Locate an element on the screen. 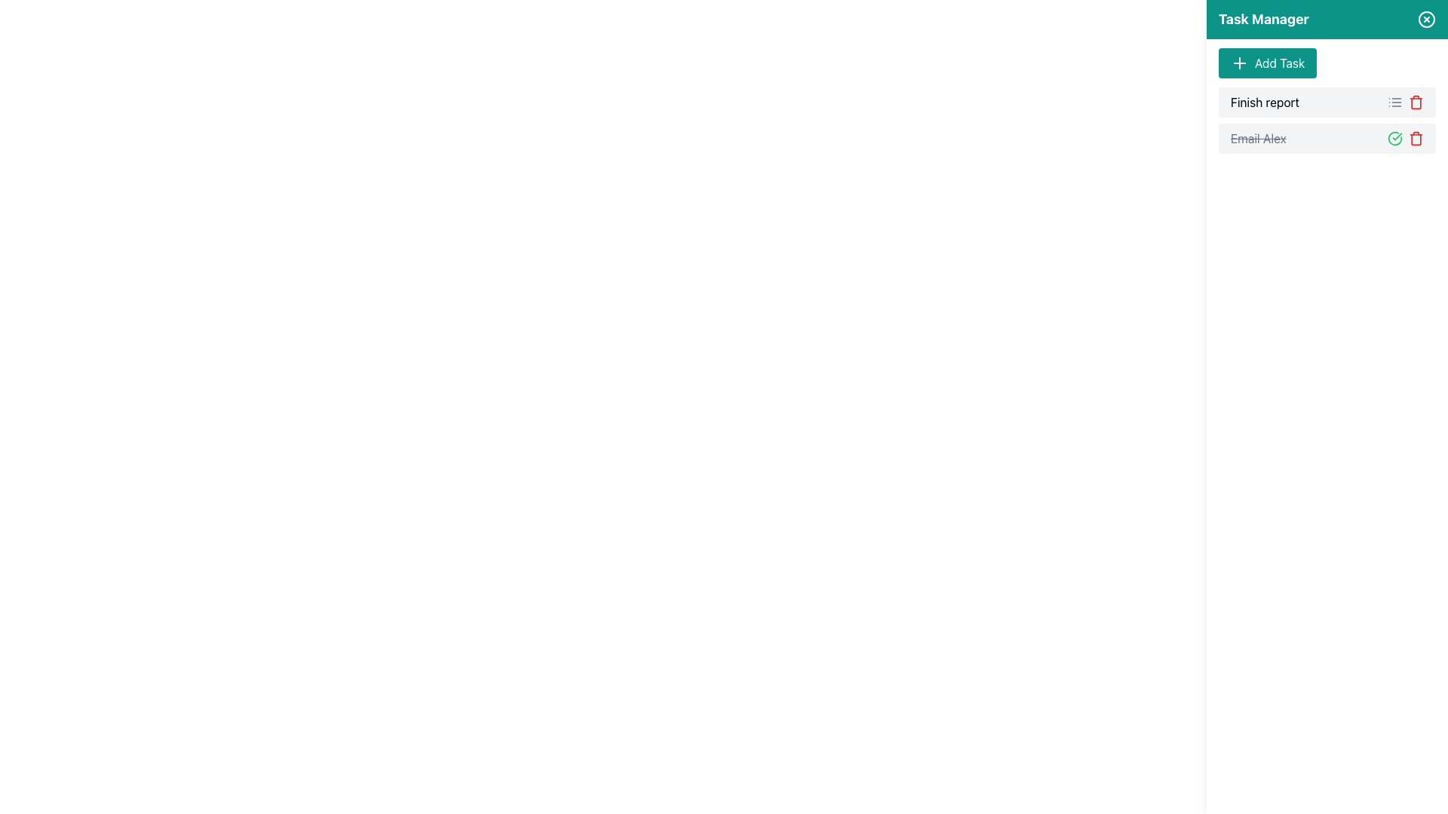 The width and height of the screenshot is (1448, 814). the small plus icon located inside the green rectangular button labeled 'Add Task' in the 'Task Manager' section at the top right corner of the interface is located at coordinates (1239, 63).